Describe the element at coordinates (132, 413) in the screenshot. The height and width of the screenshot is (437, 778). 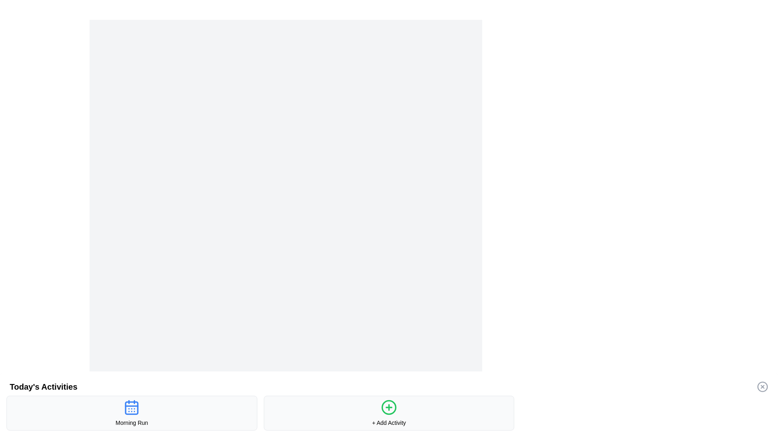
I see `the leftmost Card component in the grid layout displaying the title 'Morning Run'` at that location.